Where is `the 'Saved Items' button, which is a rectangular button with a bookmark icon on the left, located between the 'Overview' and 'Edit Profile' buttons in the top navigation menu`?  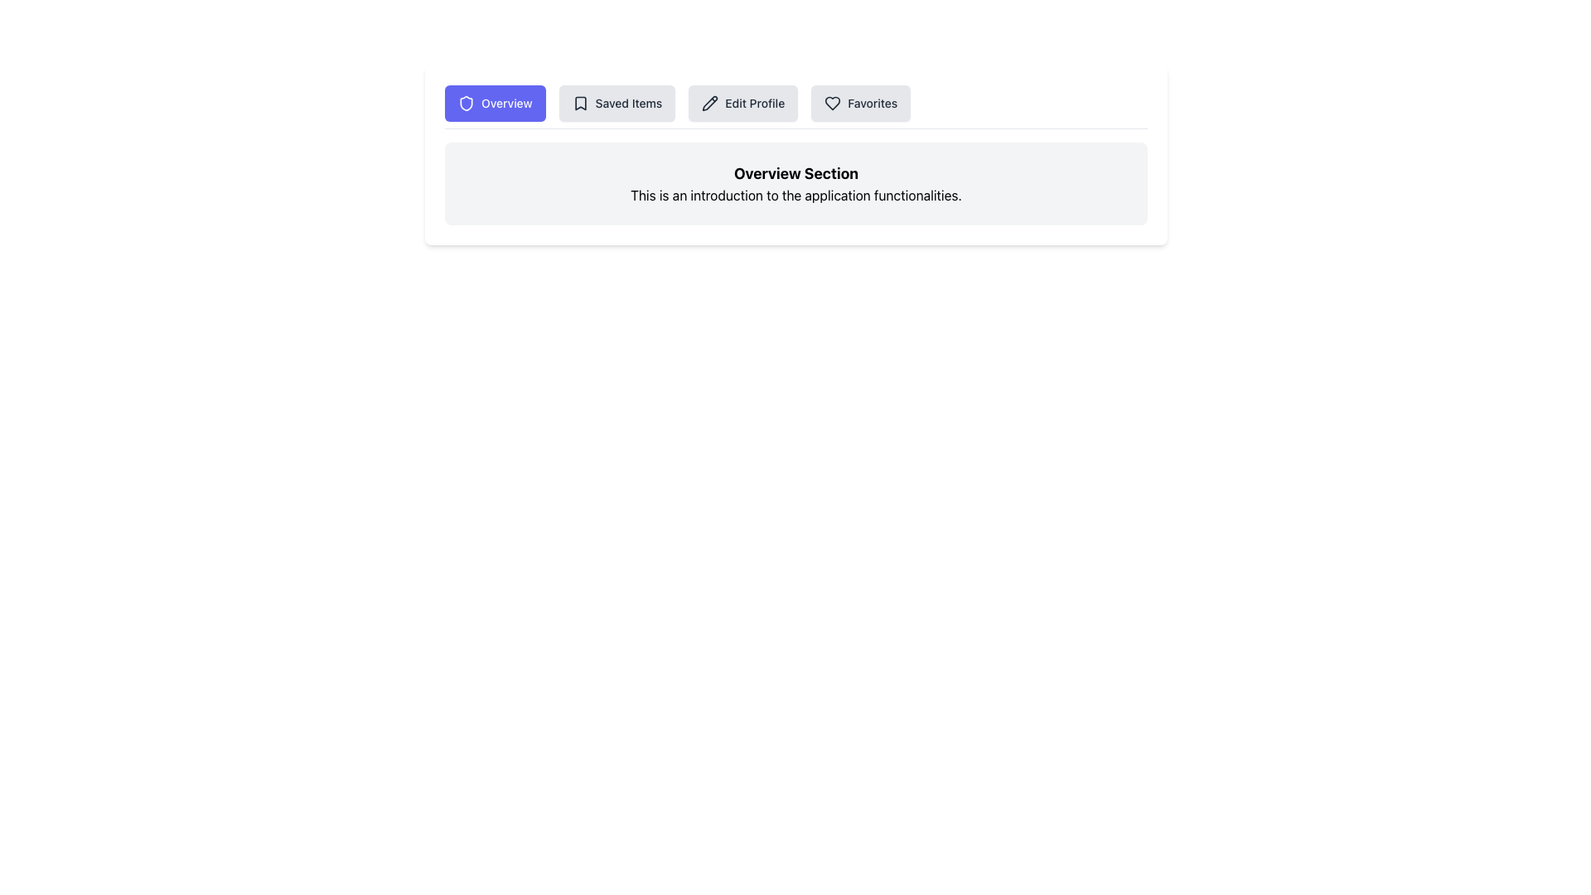 the 'Saved Items' button, which is a rectangular button with a bookmark icon on the left, located between the 'Overview' and 'Edit Profile' buttons in the top navigation menu is located at coordinates (616, 103).